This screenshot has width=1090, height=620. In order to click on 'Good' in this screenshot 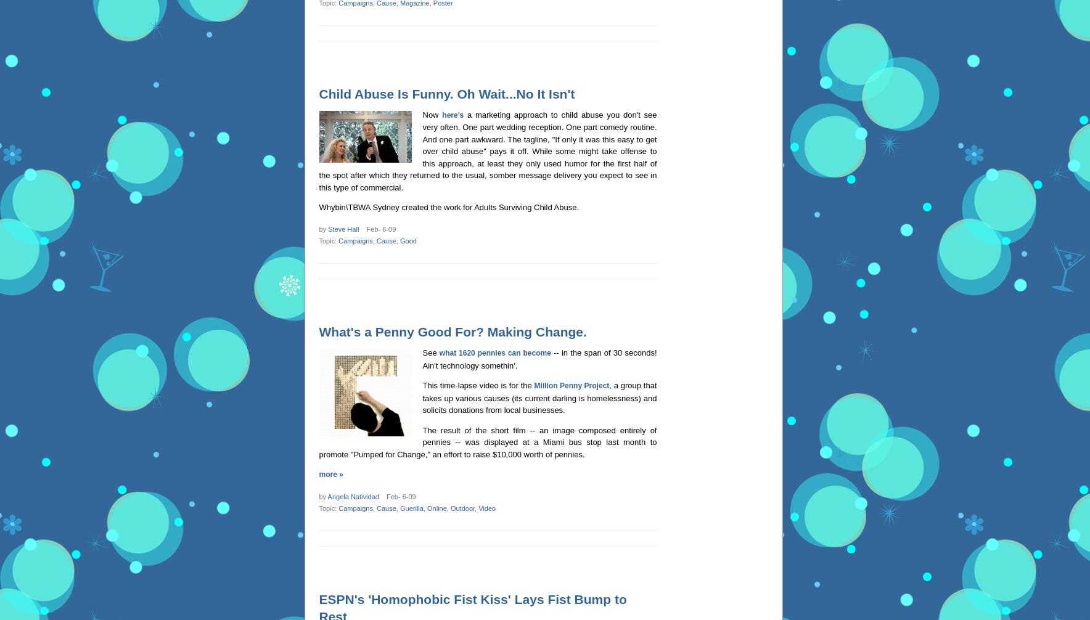, I will do `click(407, 240)`.